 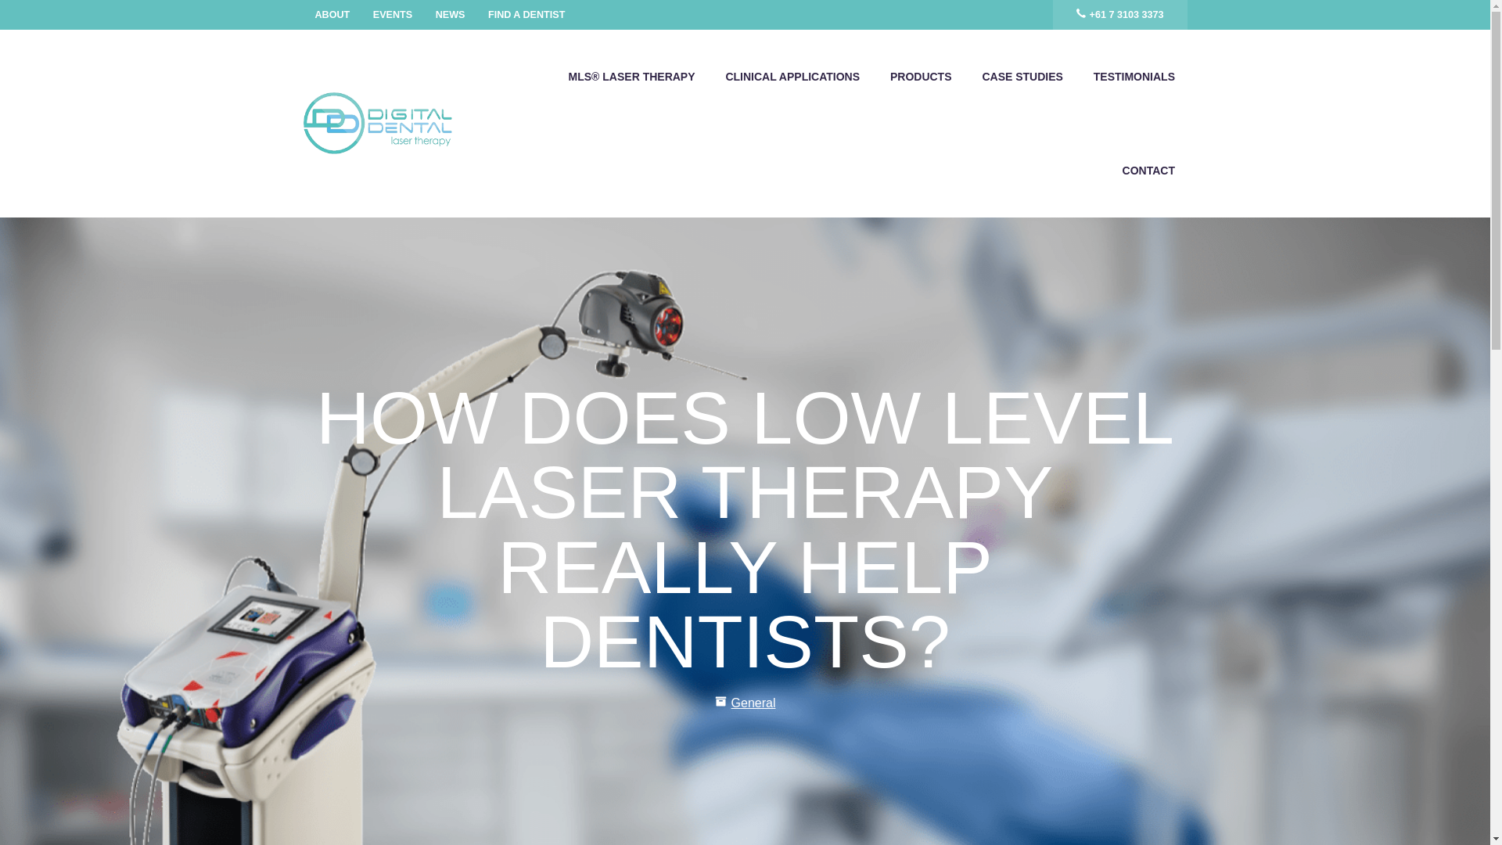 I want to click on 'PHONE-REV+61 7 3103 3373', so click(x=1119, y=15).